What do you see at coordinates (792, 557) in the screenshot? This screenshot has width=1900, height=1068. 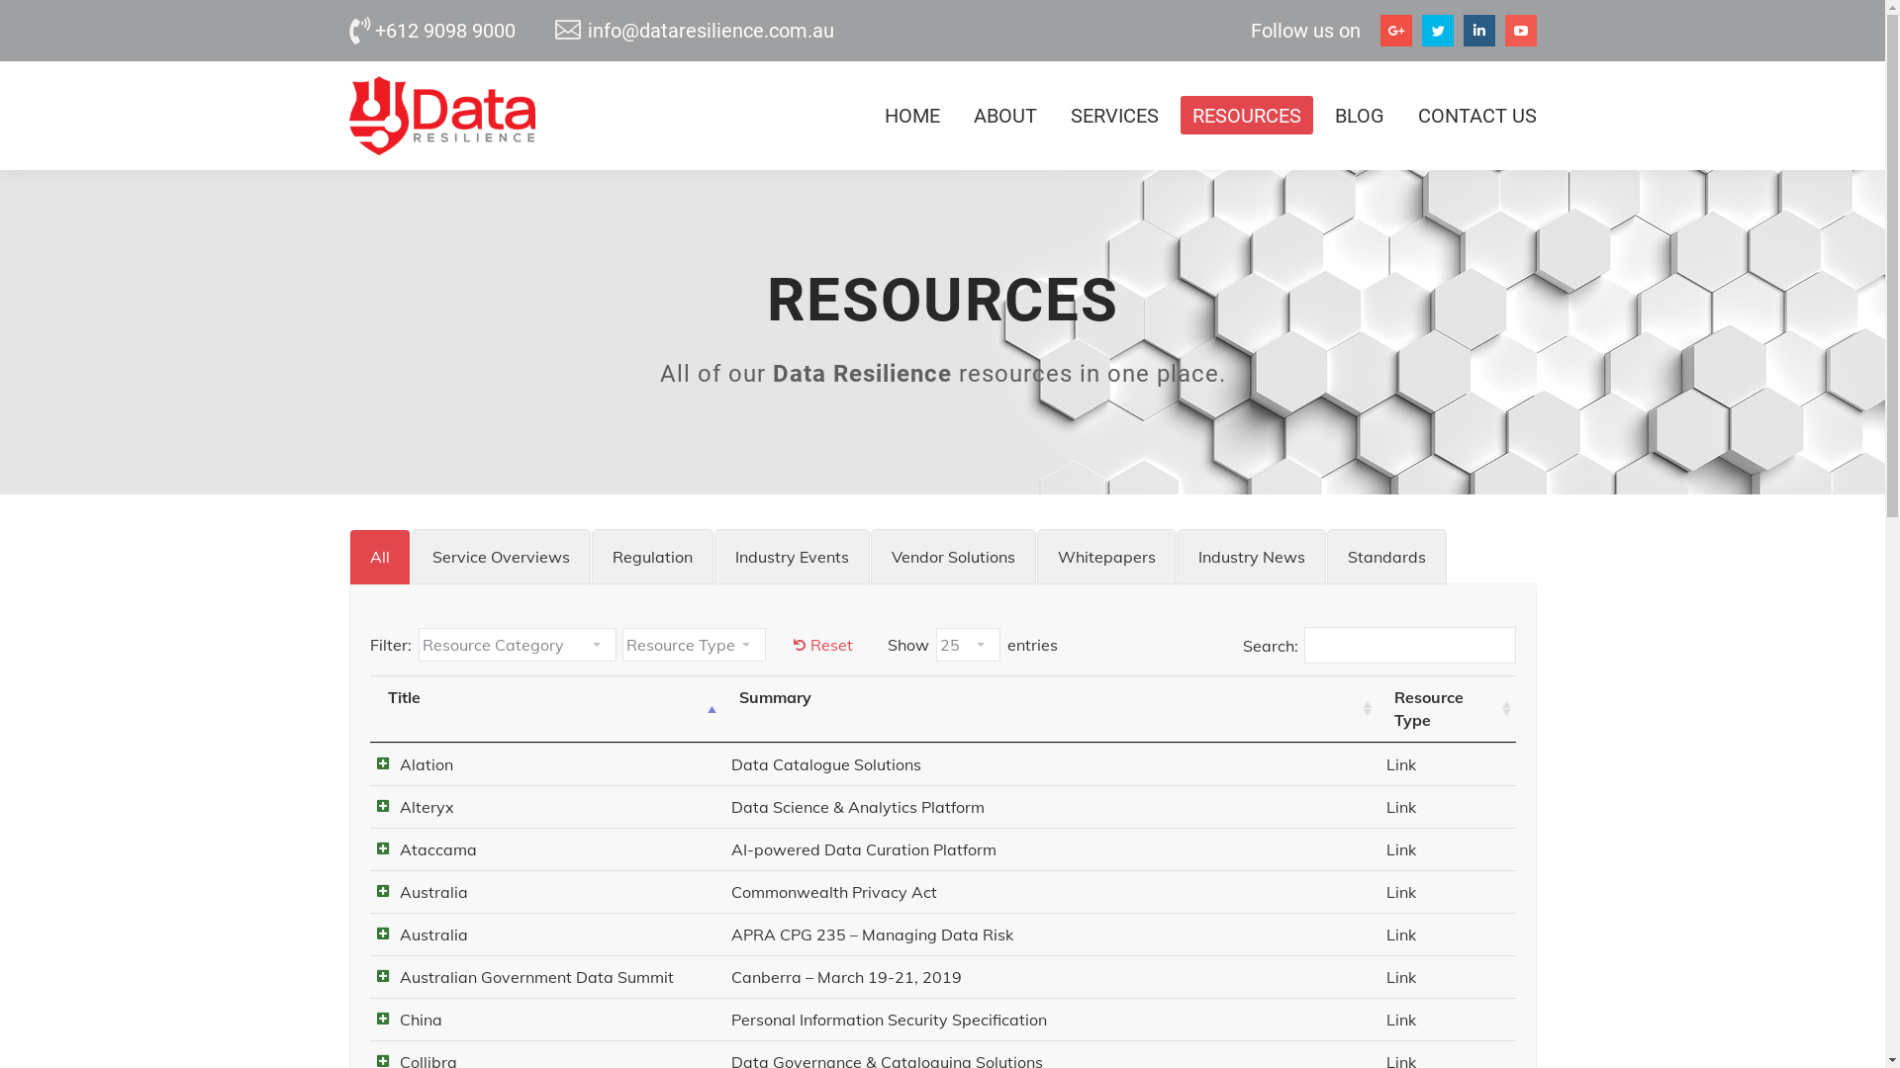 I see `'Industry Events'` at bounding box center [792, 557].